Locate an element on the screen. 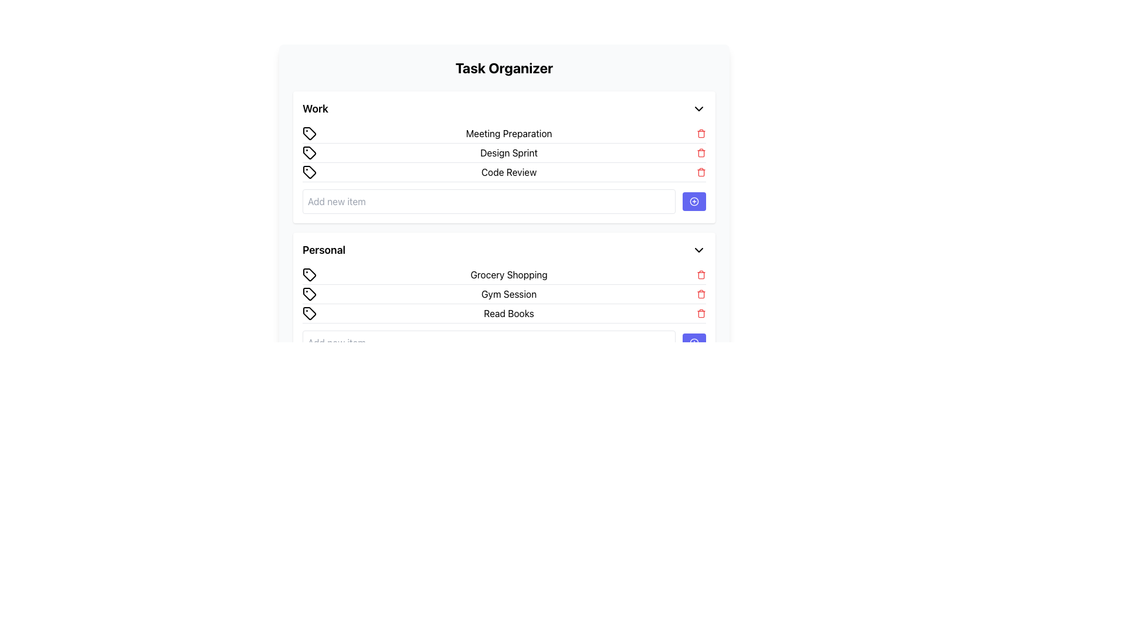 The width and height of the screenshot is (1126, 633). the tag icon in the 'Personal' section, which is adjacent to the label 'Gym Session' and is the second element from the top is located at coordinates (310, 293).